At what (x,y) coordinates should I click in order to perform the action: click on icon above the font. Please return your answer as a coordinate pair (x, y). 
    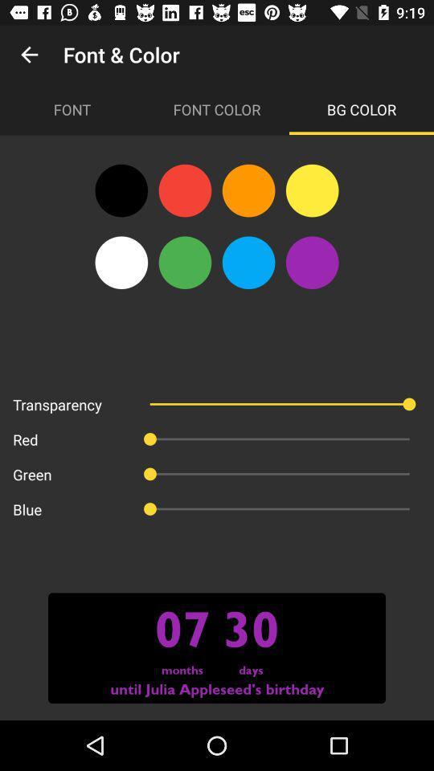
    Looking at the image, I should click on (29, 55).